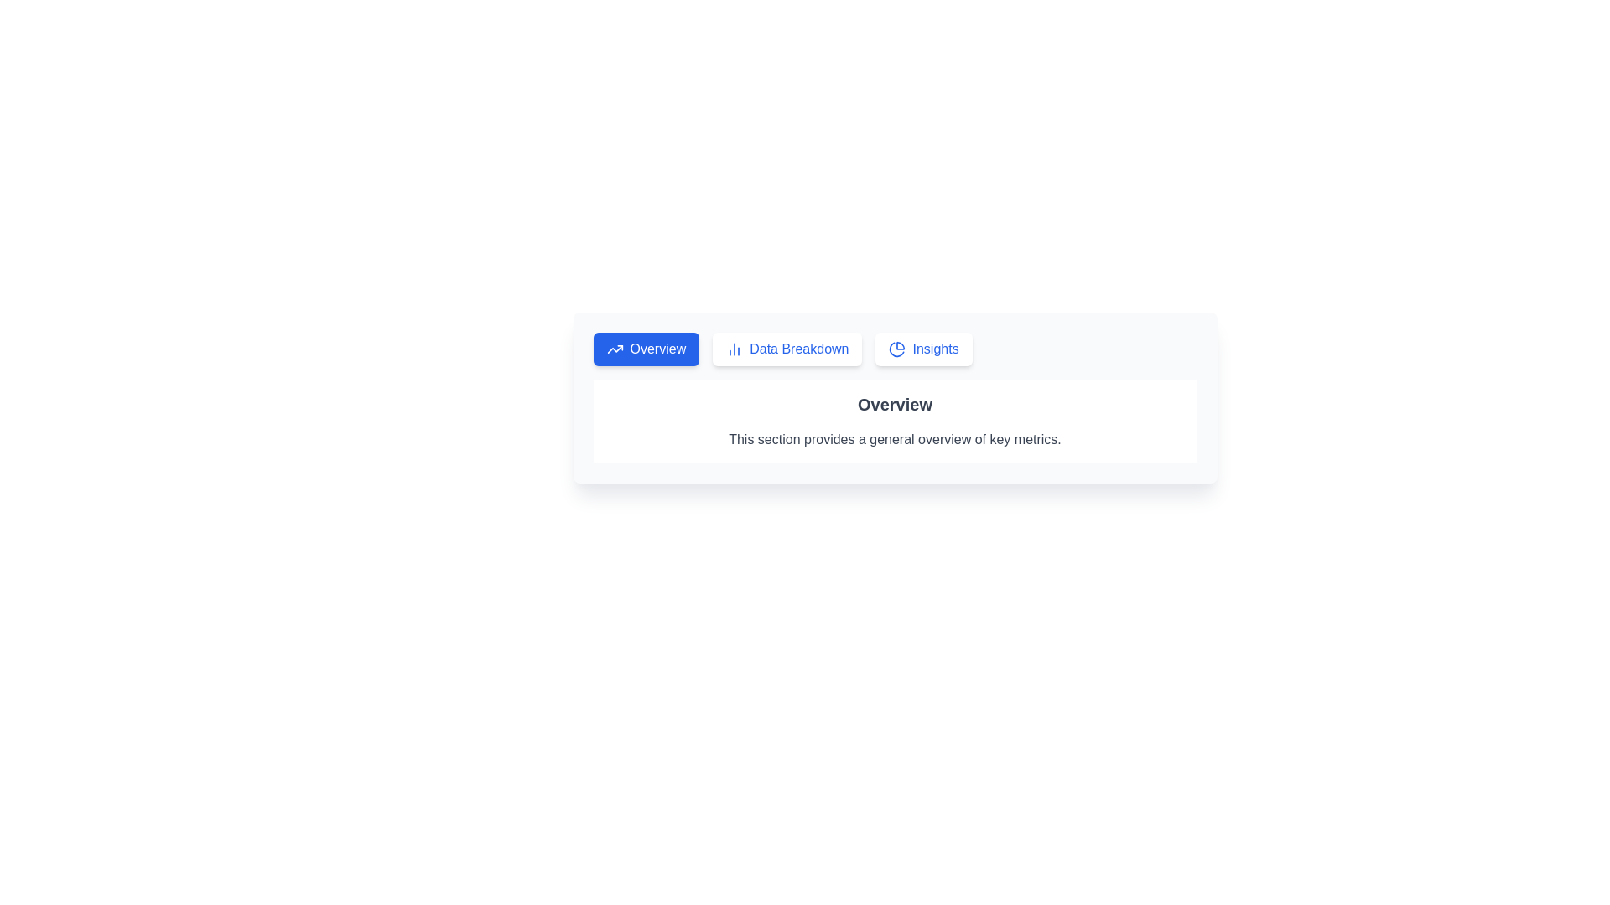 The width and height of the screenshot is (1610, 905). I want to click on the Overview tab by clicking on its button, so click(644, 348).